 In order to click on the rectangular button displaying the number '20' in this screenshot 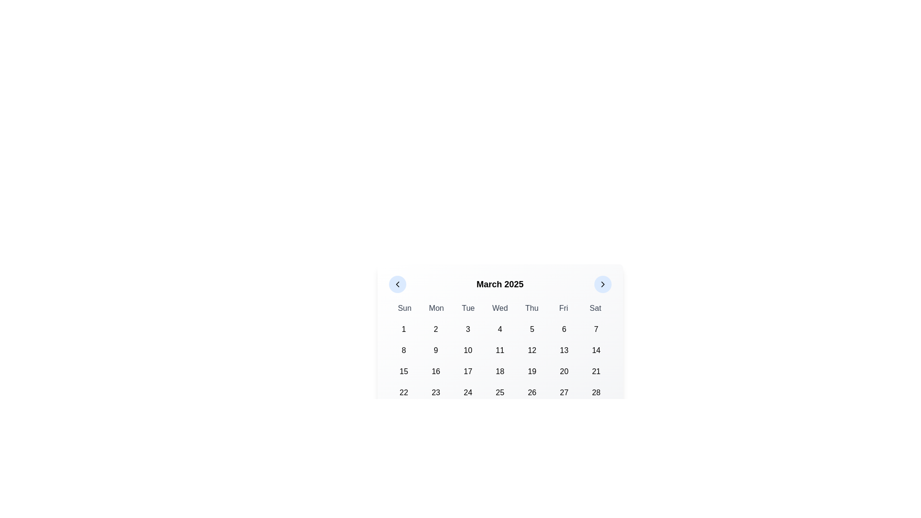, I will do `click(564, 371)`.